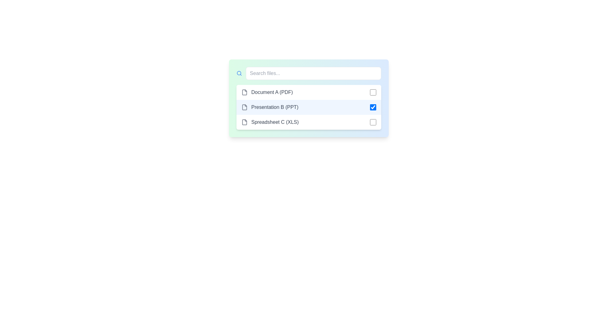  Describe the element at coordinates (309, 122) in the screenshot. I see `the file item with name Spreadsheet C (XLS)` at that location.